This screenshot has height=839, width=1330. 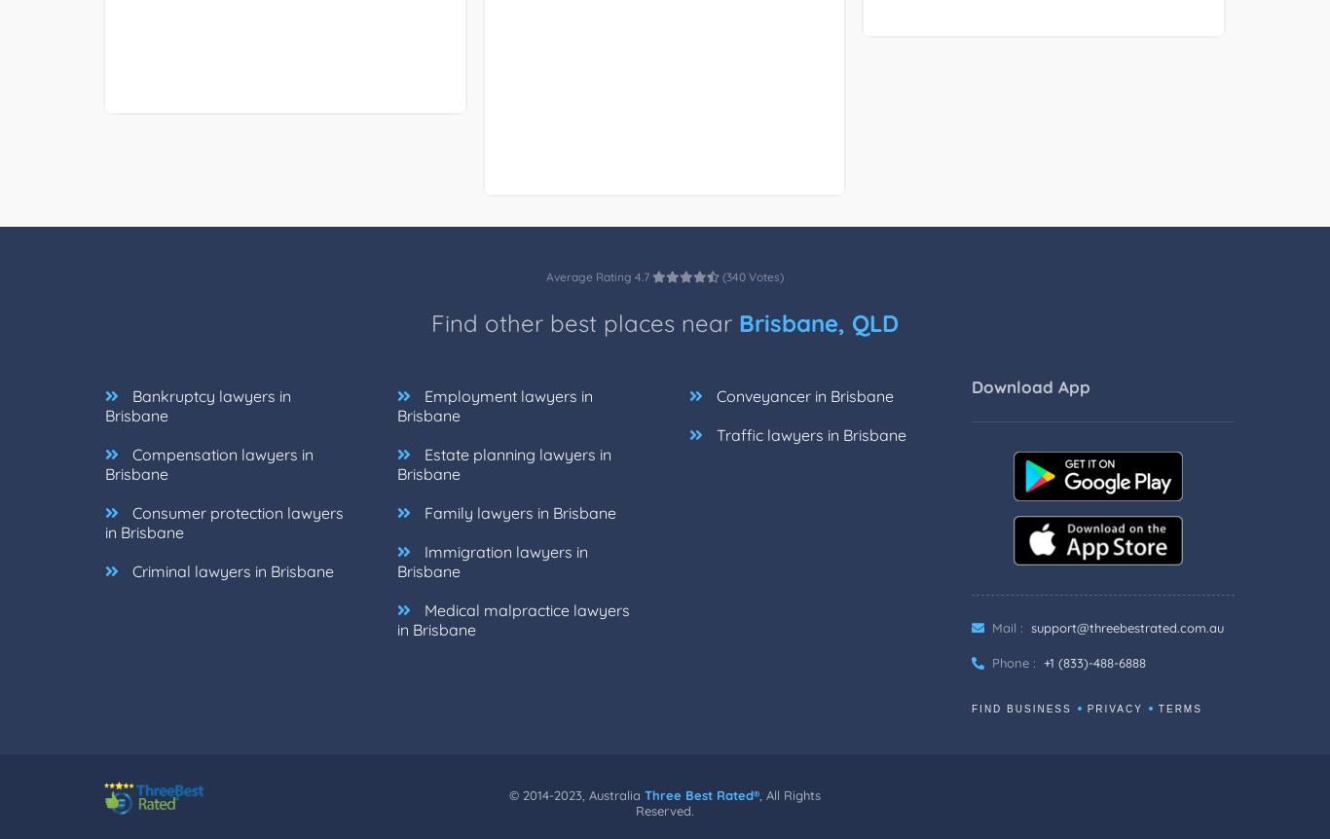 What do you see at coordinates (584, 345) in the screenshot?
I see `'Find other best places near'` at bounding box center [584, 345].